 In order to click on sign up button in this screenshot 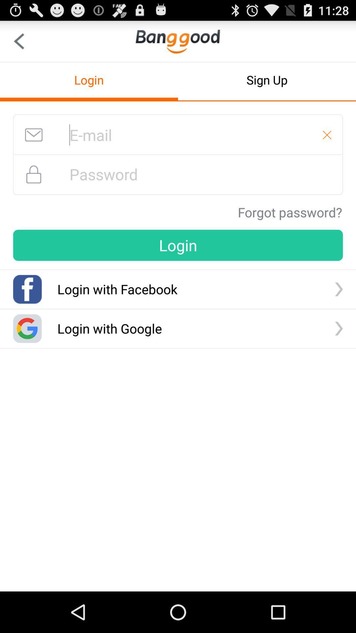, I will do `click(267, 79)`.